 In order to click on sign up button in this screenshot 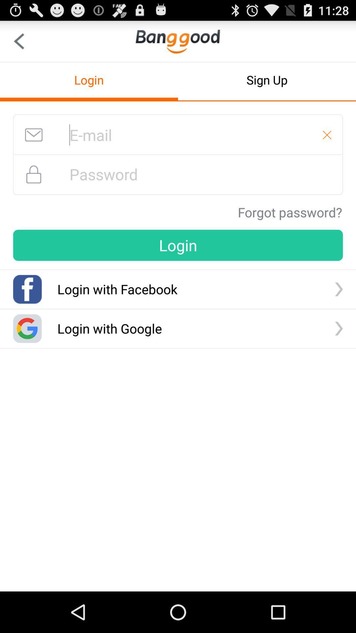, I will do `click(267, 79)`.